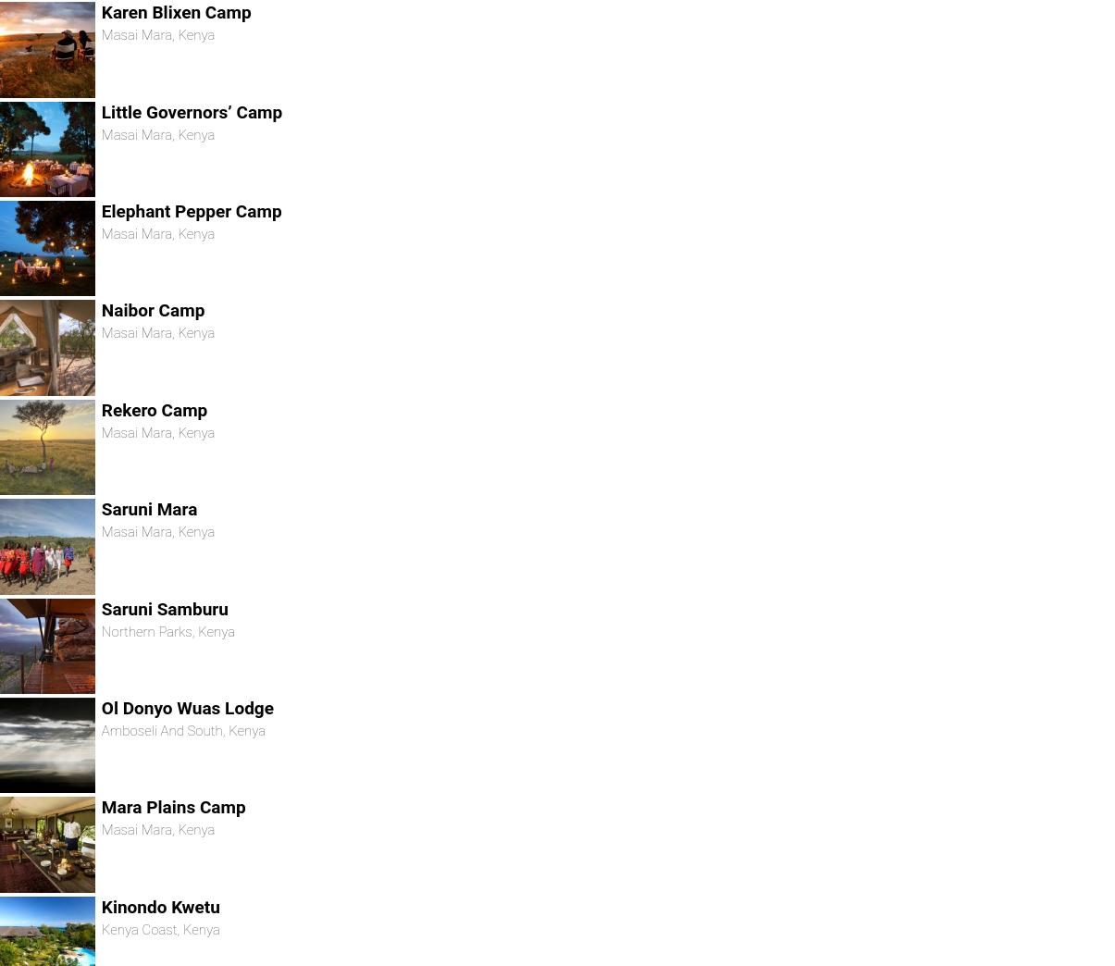 This screenshot has height=966, width=1115. I want to click on 'Little Governors’ Camp', so click(191, 111).